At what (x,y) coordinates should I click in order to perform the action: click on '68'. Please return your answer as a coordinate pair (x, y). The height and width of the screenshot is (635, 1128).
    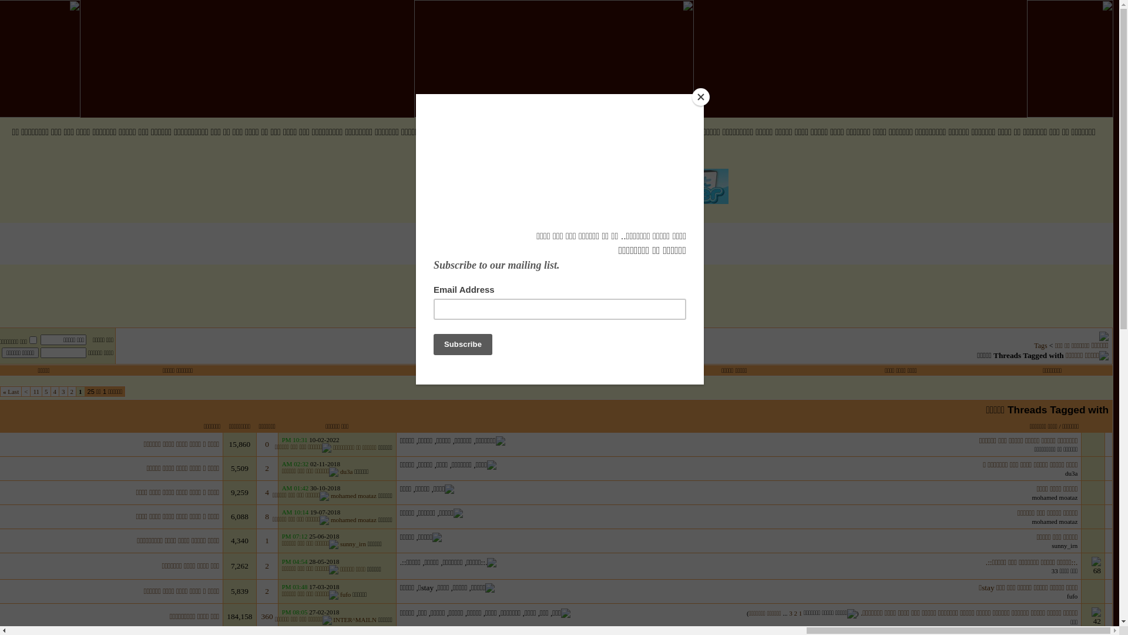
    Looking at the image, I should click on (1092, 566).